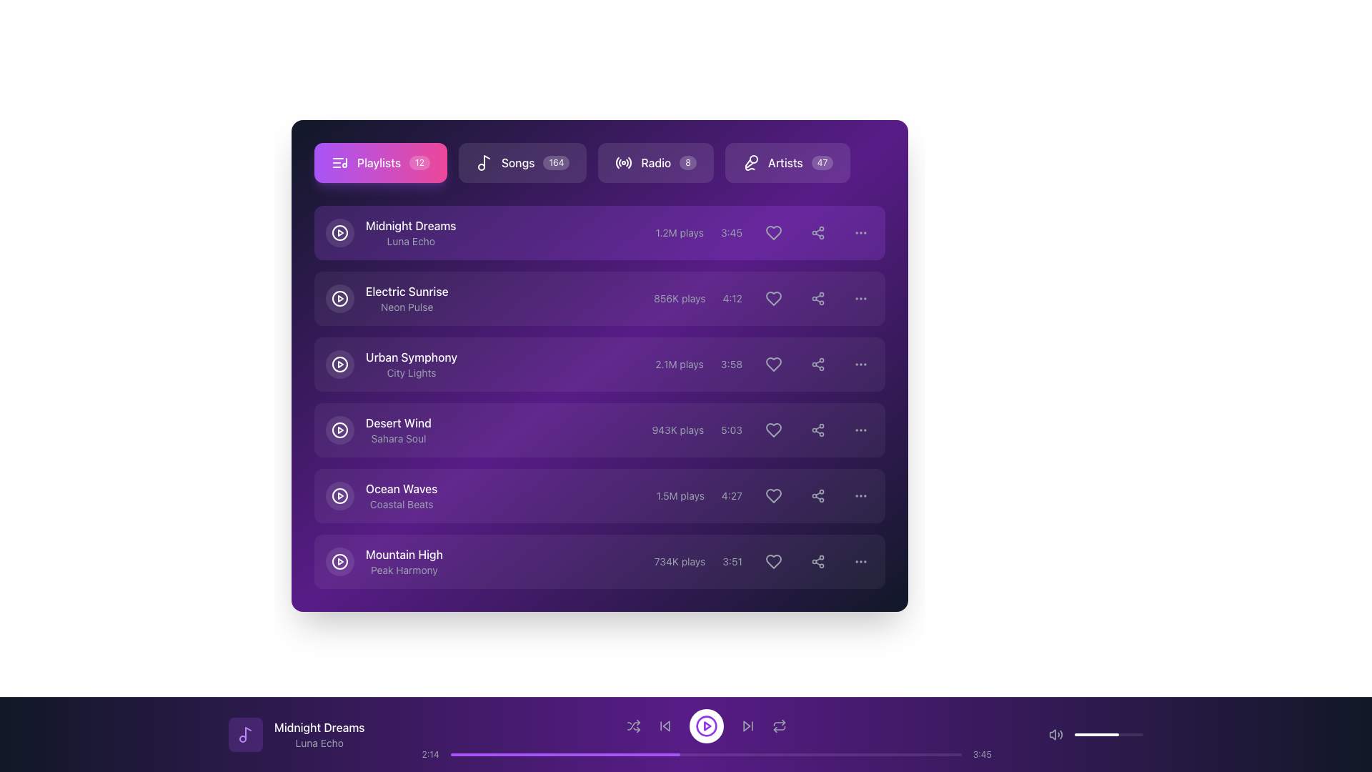  What do you see at coordinates (750, 162) in the screenshot?
I see `the 'Artists' category icon located at the top-right corner of the interface` at bounding box center [750, 162].